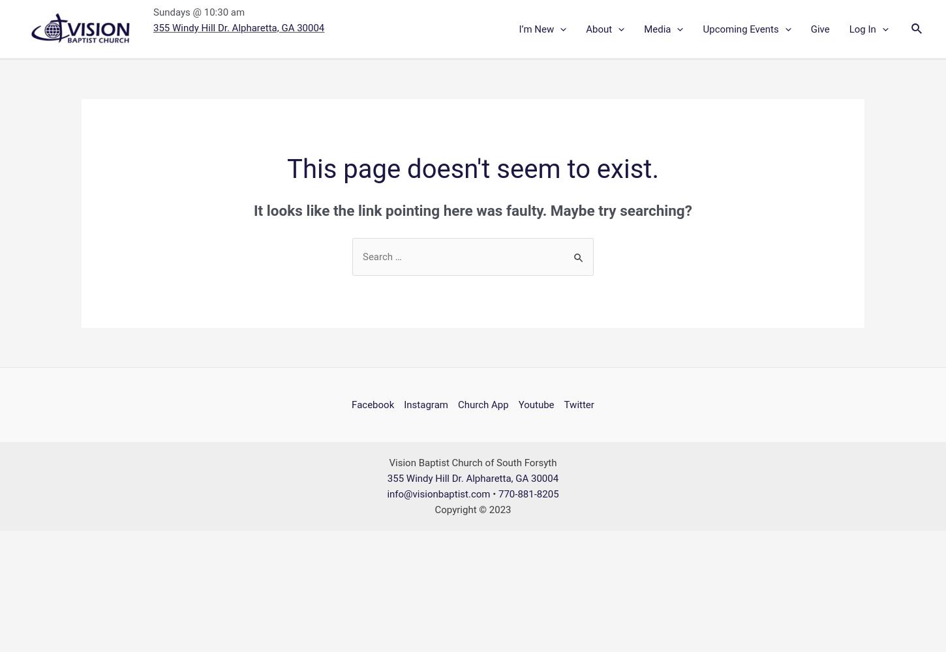  Describe the element at coordinates (253, 209) in the screenshot. I see `'It looks like the link pointing here was faulty. Maybe try searching?'` at that location.